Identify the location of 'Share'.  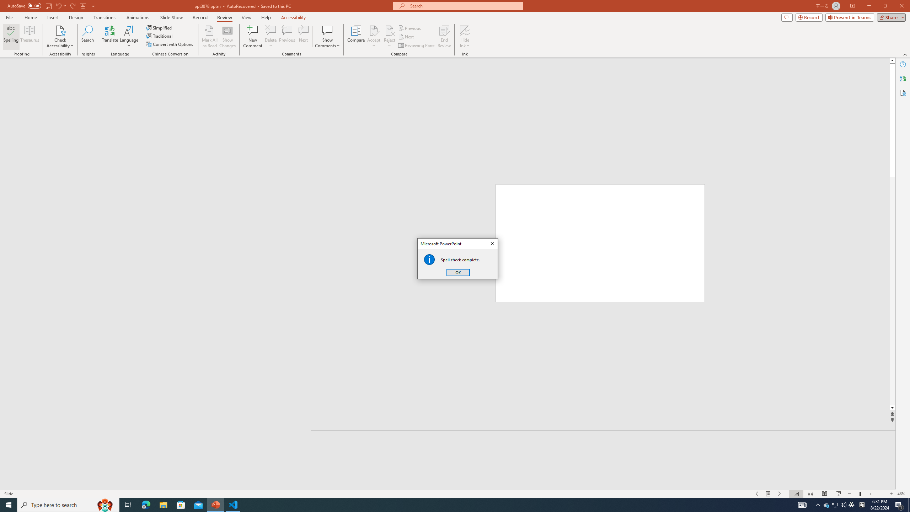
(889, 17).